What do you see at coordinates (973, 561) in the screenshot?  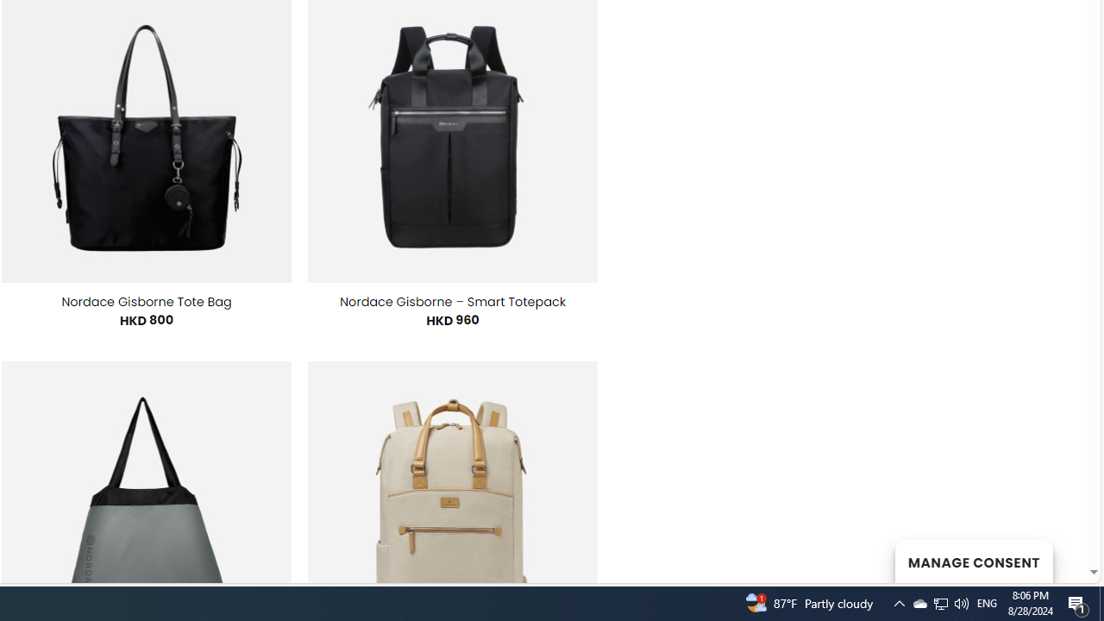 I see `'MANAGE CONSENT'` at bounding box center [973, 561].